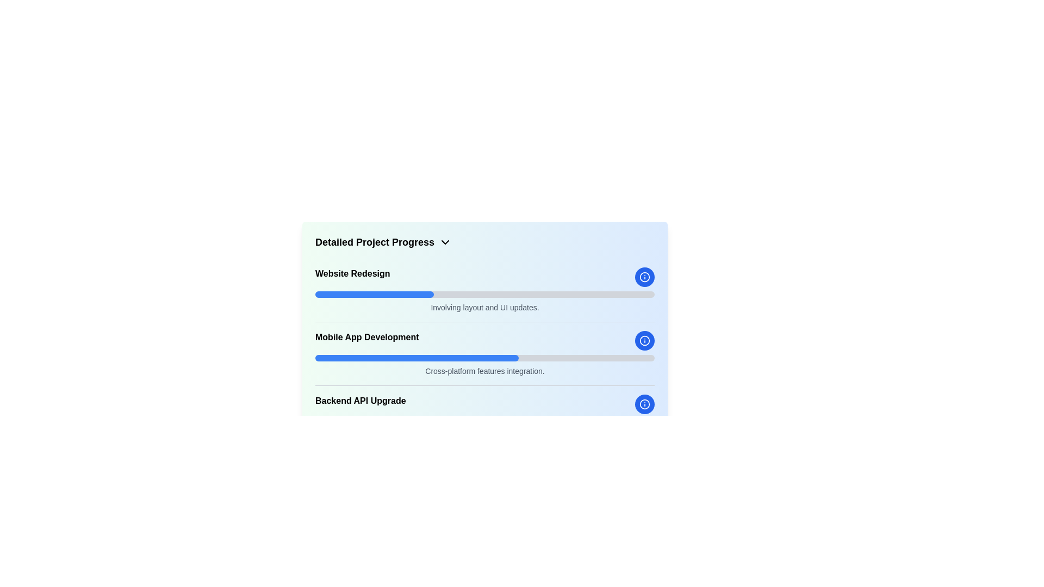 The height and width of the screenshot is (587, 1044). What do you see at coordinates (484, 359) in the screenshot?
I see `the progress bars in the 'Detailed Project Progress' section` at bounding box center [484, 359].